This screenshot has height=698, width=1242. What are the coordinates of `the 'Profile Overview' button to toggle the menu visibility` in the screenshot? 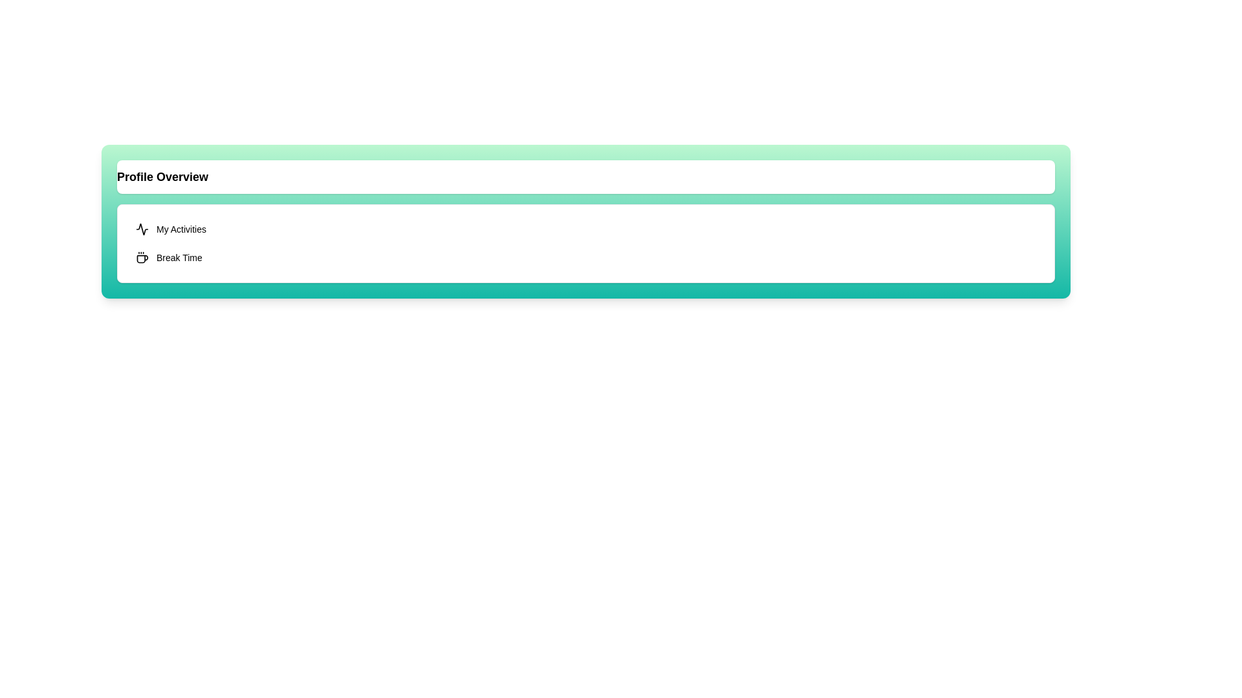 It's located at (585, 176).